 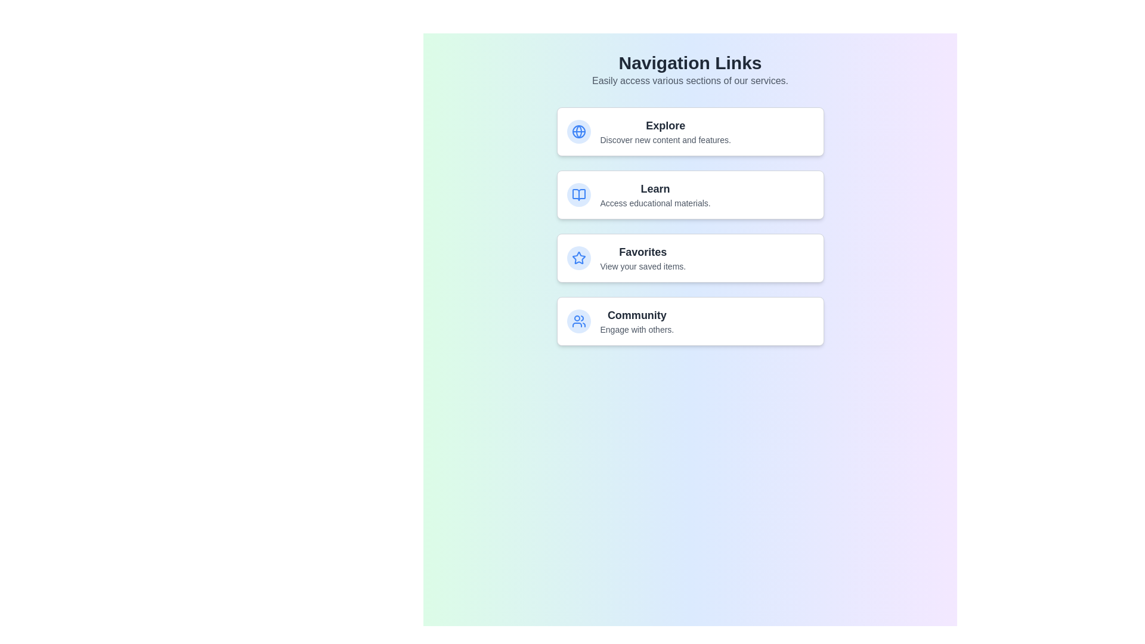 I want to click on descriptive text located in the 'Favorites' section, positioned beneath the 'Favorites' title, so click(x=642, y=266).